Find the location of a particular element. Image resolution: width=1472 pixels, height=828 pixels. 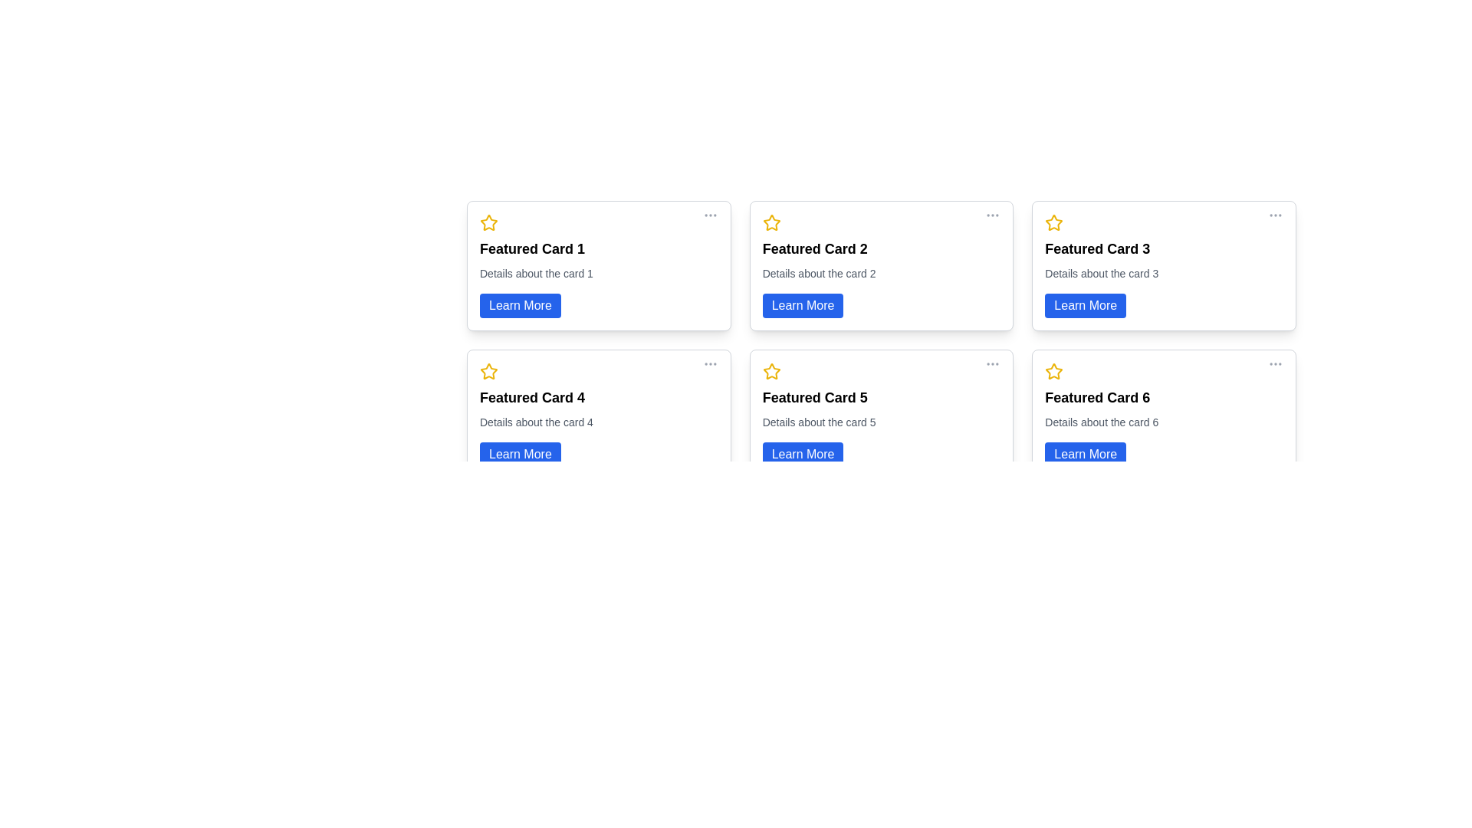

the star-shaped icon with a hollow center, colored yellow, located at the top-left corner of the 'Featured Card 5.' is located at coordinates (771, 371).